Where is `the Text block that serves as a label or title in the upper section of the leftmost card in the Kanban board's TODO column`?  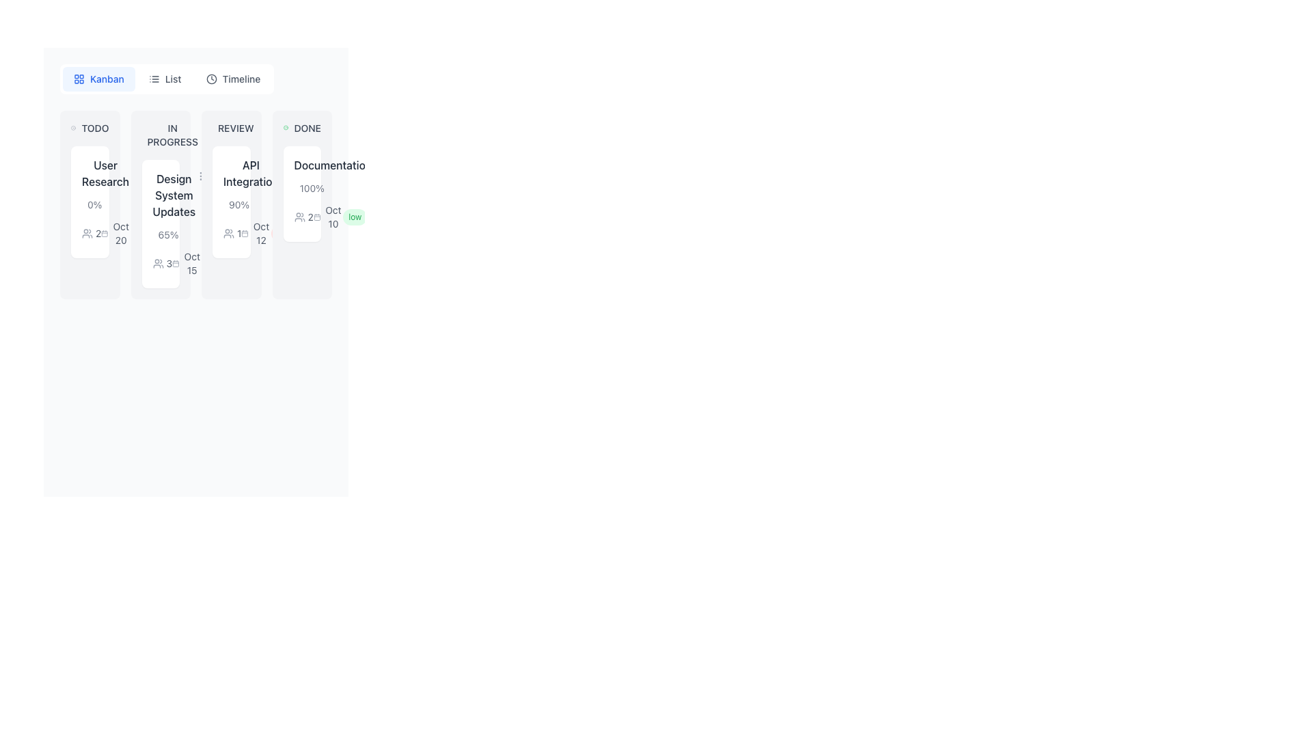 the Text block that serves as a label or title in the upper section of the leftmost card in the Kanban board's TODO column is located at coordinates (89, 173).